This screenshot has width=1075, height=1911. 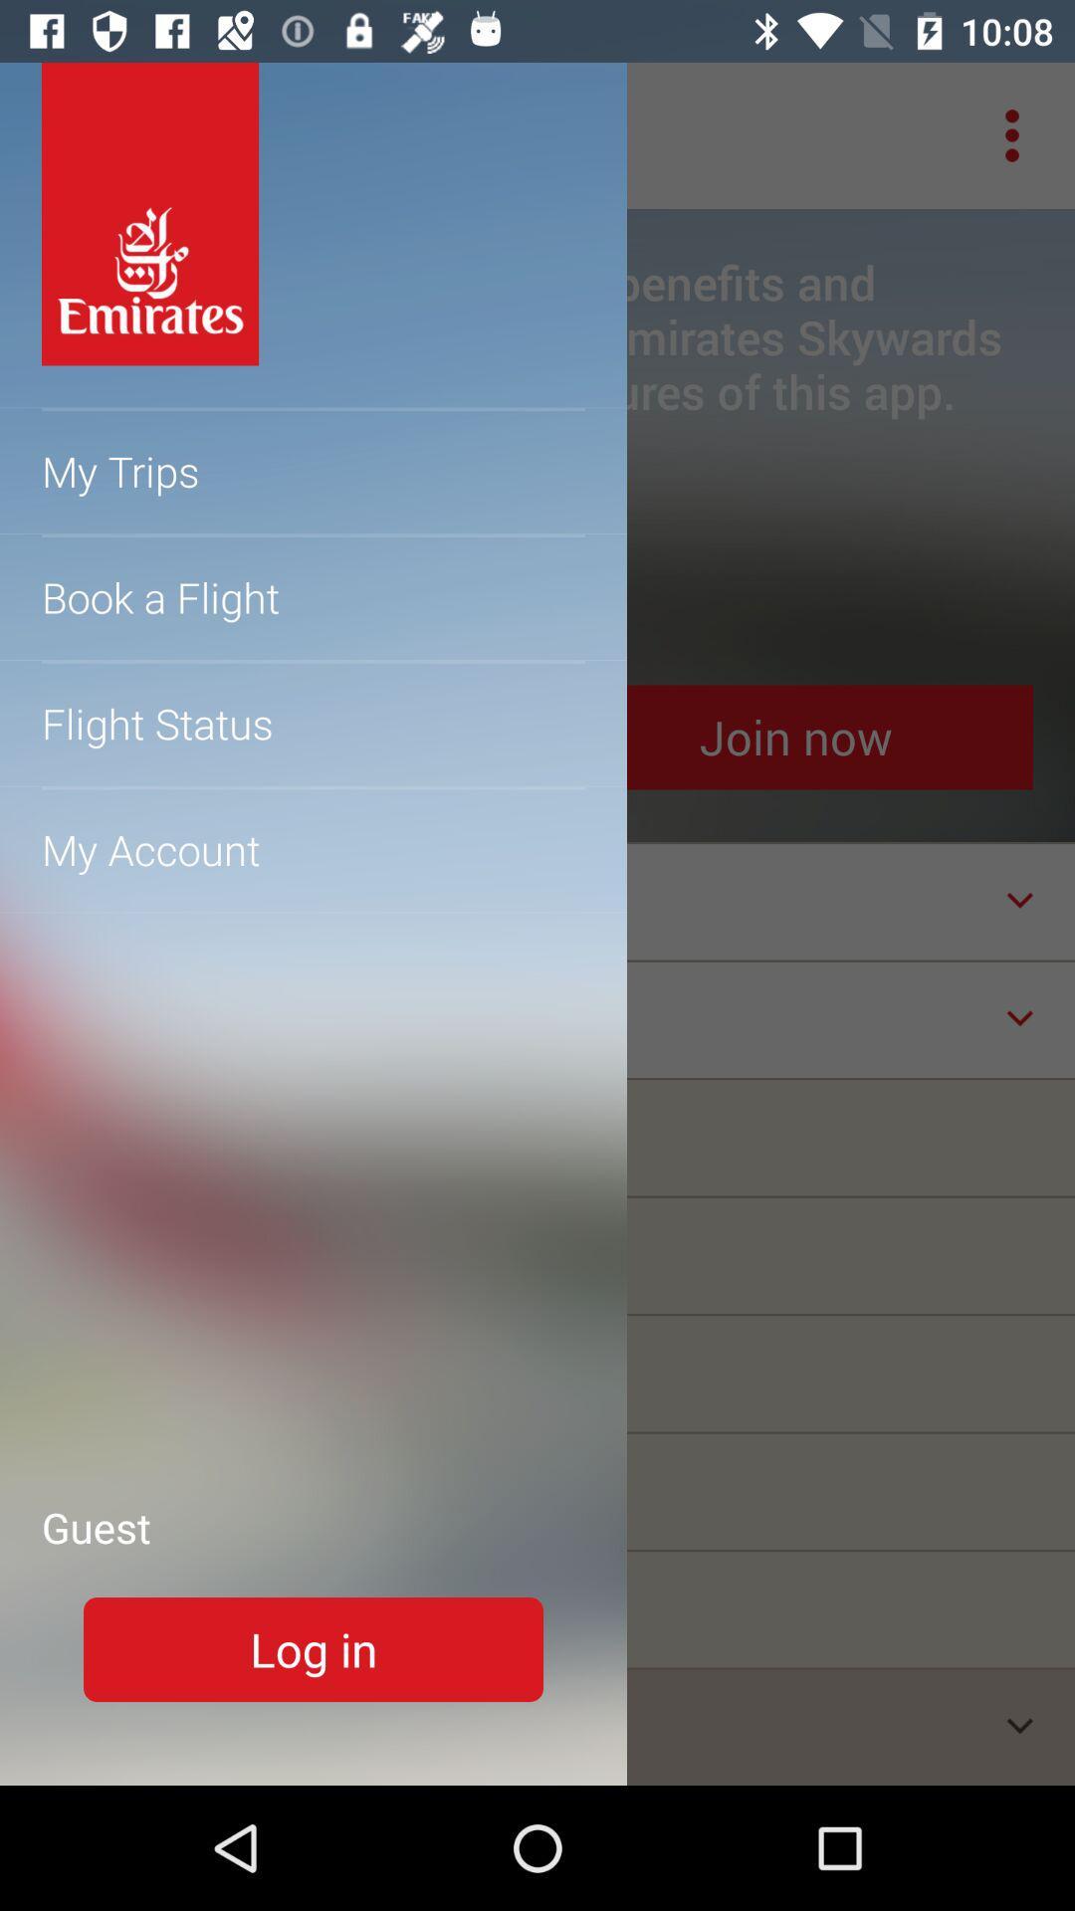 I want to click on the expand_more icon, so click(x=1019, y=1725).